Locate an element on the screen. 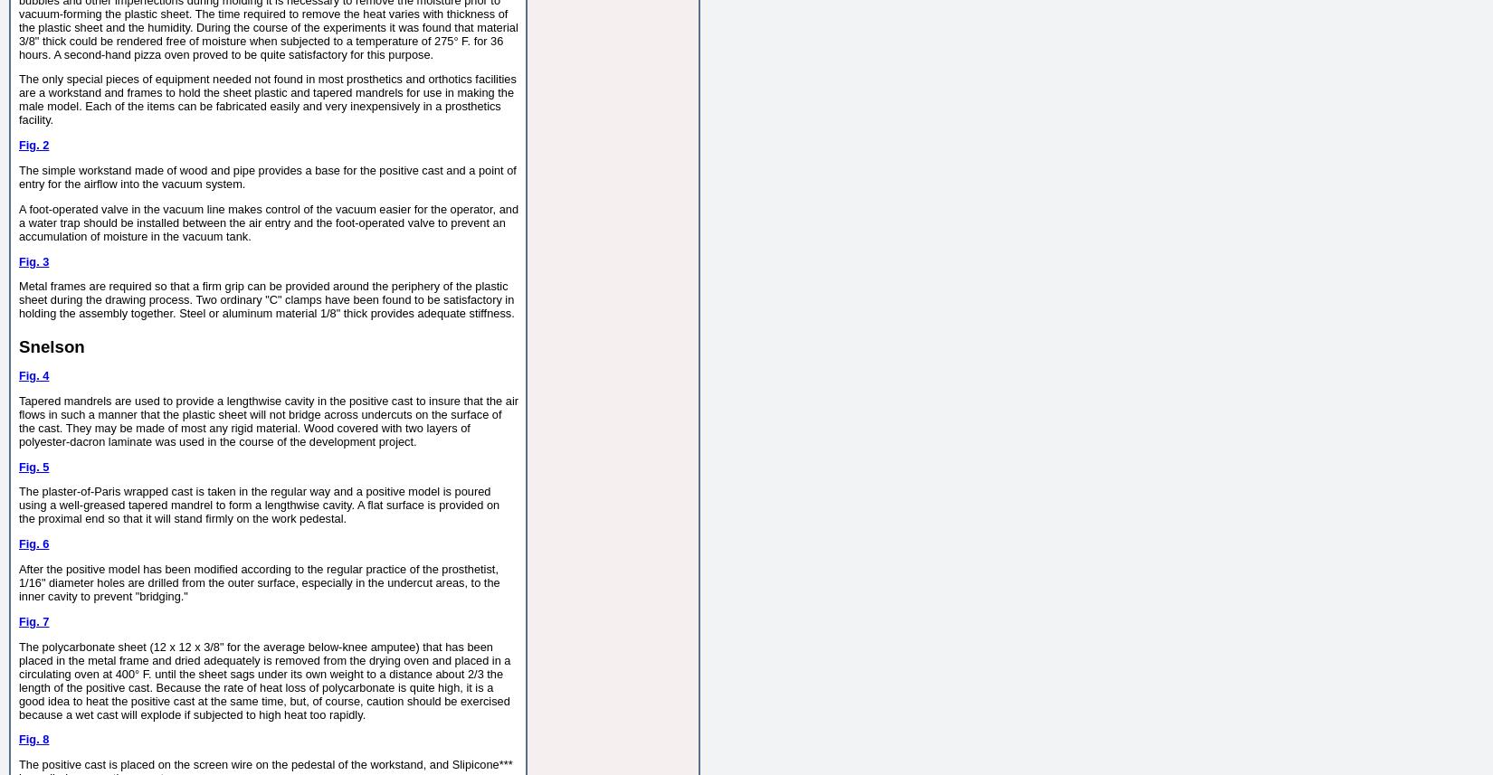 This screenshot has height=775, width=1493. 'Fig. 6' is located at coordinates (33, 543).